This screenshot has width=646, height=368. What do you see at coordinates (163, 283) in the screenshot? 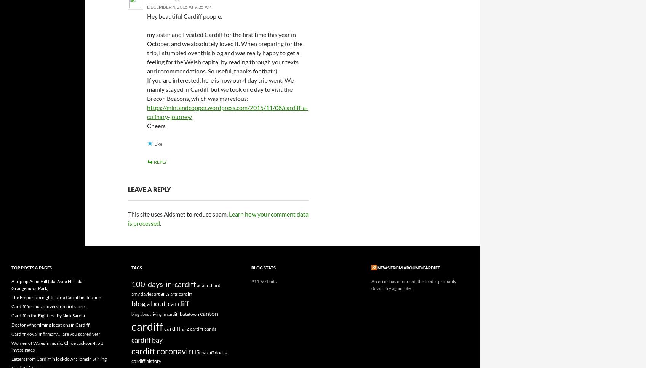
I see `'100-days-in-cardiff'` at bounding box center [163, 283].